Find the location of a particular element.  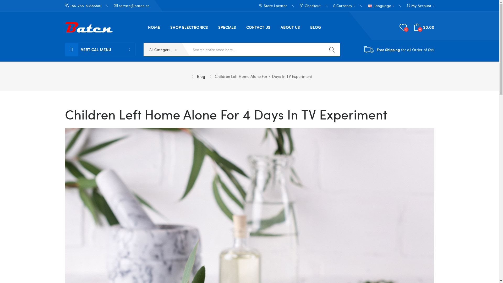

'SPECIALS' is located at coordinates (227, 27).